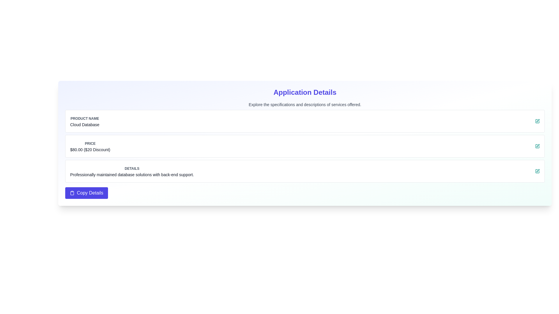  Describe the element at coordinates (538, 145) in the screenshot. I see `the icon button located in the rightmost side of the third row of the form interface` at that location.